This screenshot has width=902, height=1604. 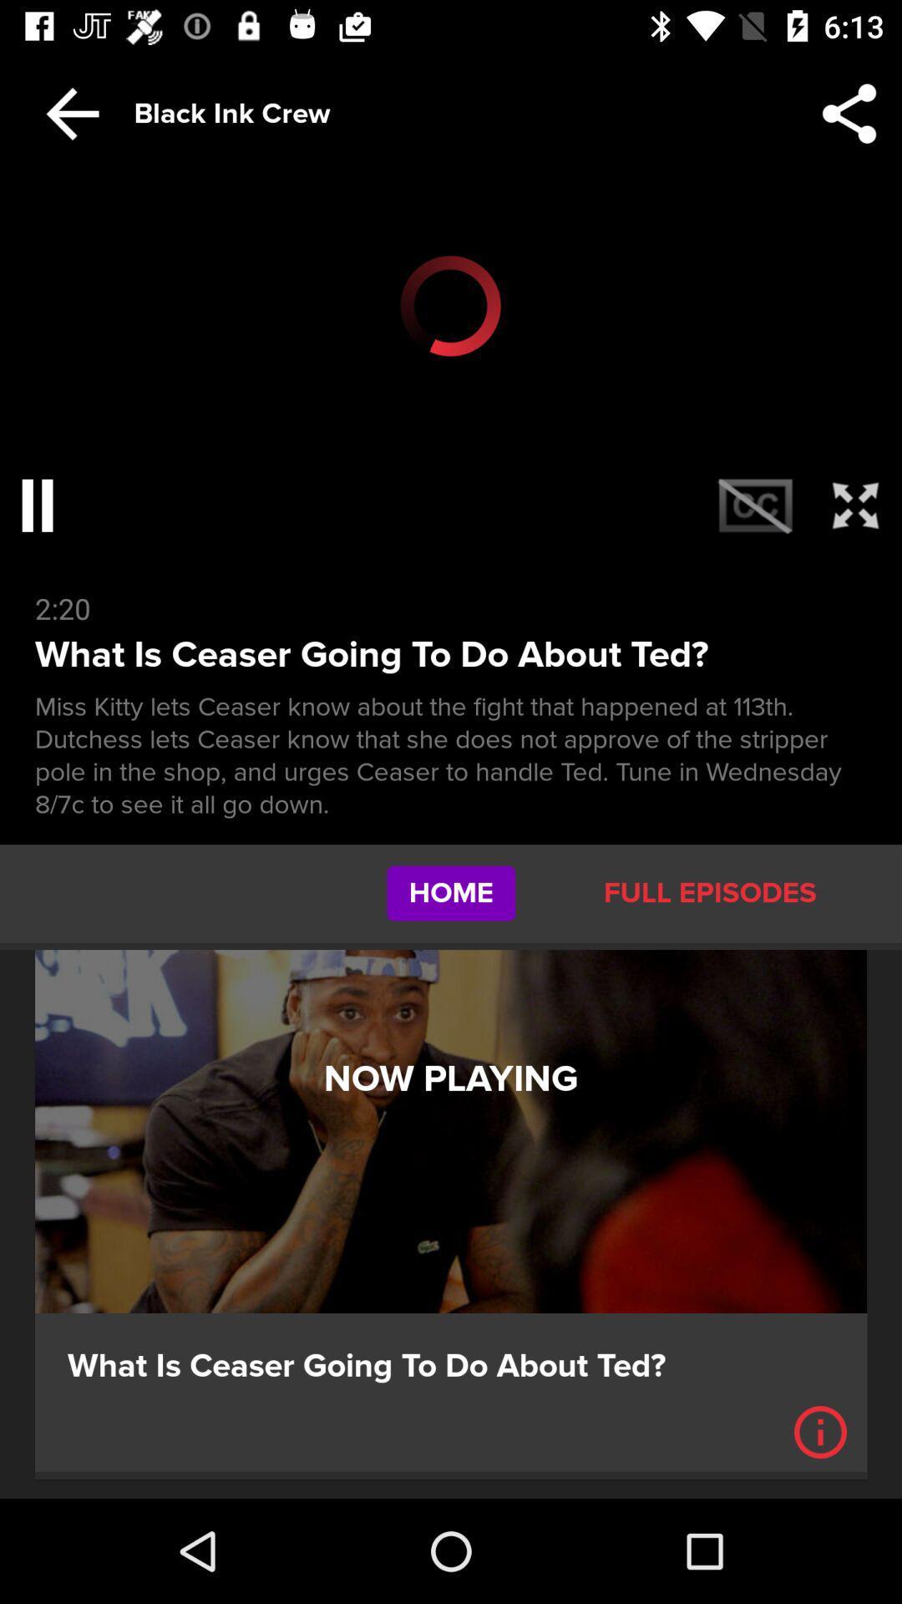 I want to click on the cc icon, so click(x=756, y=504).